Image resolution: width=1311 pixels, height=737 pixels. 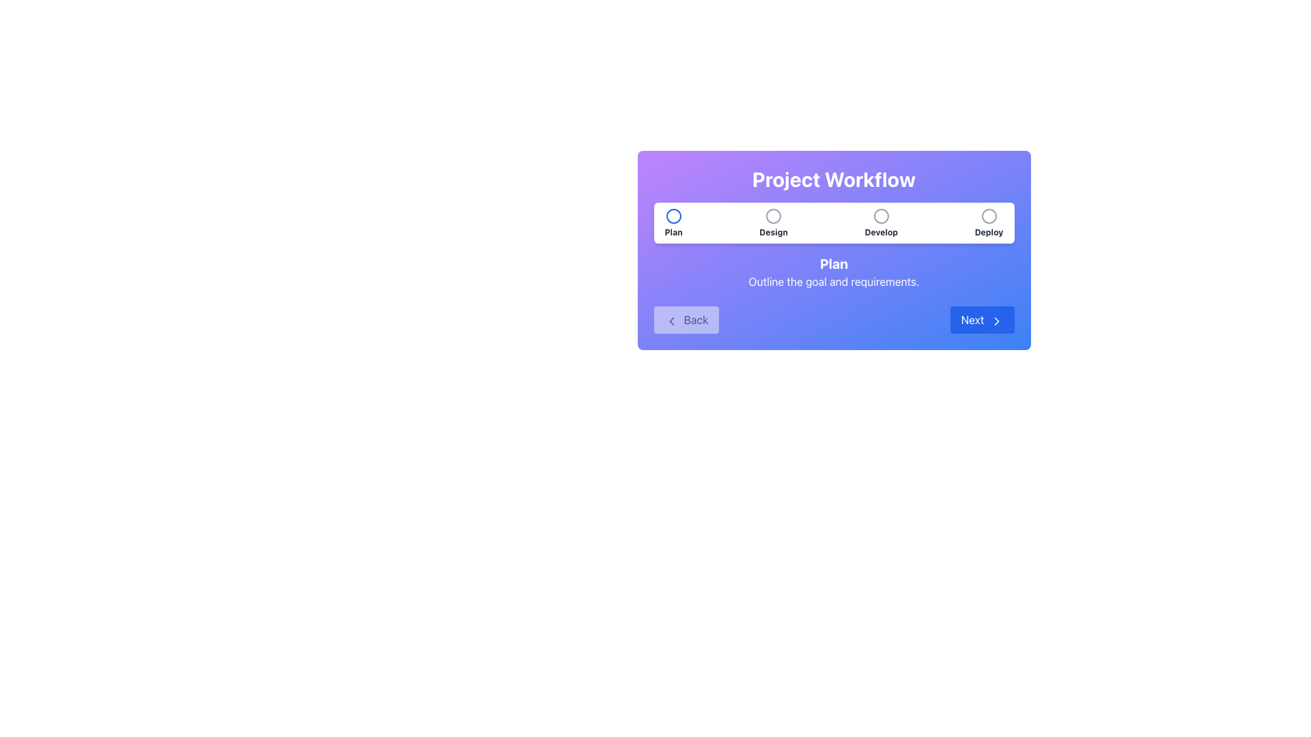 I want to click on the right-pointing chevron icon next to the 'Next' text within the blue button at the bottom right of the interface, so click(x=996, y=321).